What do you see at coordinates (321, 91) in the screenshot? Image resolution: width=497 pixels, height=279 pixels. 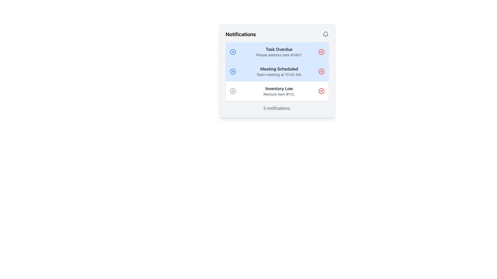 I see `the button located in the top-right corner of the 'Inventory Low' notification card` at bounding box center [321, 91].